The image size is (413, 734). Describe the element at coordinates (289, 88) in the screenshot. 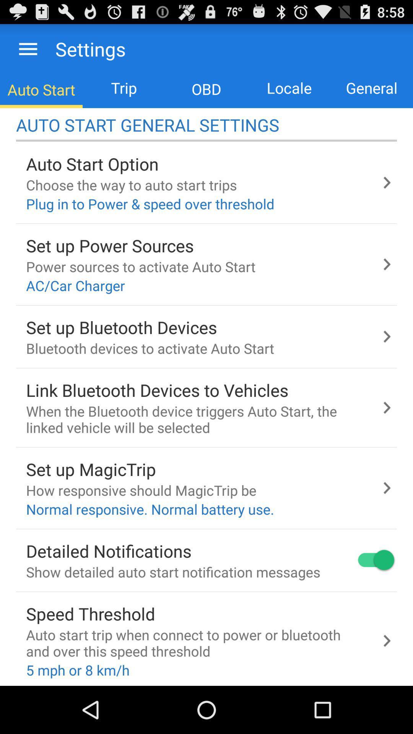

I see `the text locale` at that location.